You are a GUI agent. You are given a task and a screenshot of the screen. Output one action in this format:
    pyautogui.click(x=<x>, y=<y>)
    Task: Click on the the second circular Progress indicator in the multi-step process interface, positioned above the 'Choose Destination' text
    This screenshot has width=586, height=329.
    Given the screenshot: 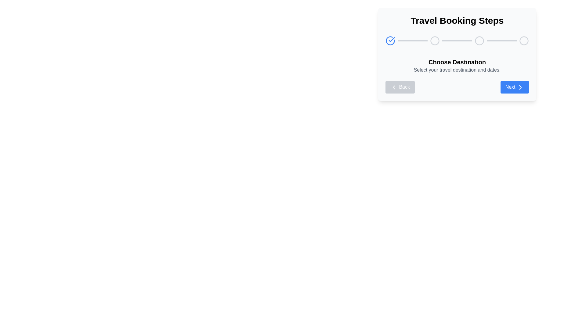 What is the action you would take?
    pyautogui.click(x=435, y=41)
    